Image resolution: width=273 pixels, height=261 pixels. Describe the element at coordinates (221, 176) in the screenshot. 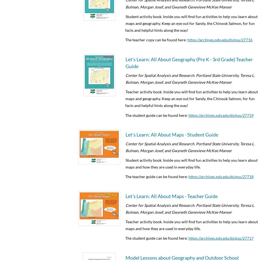

I see `'https://archives.pdx.edu/ds/psu/27718'` at that location.